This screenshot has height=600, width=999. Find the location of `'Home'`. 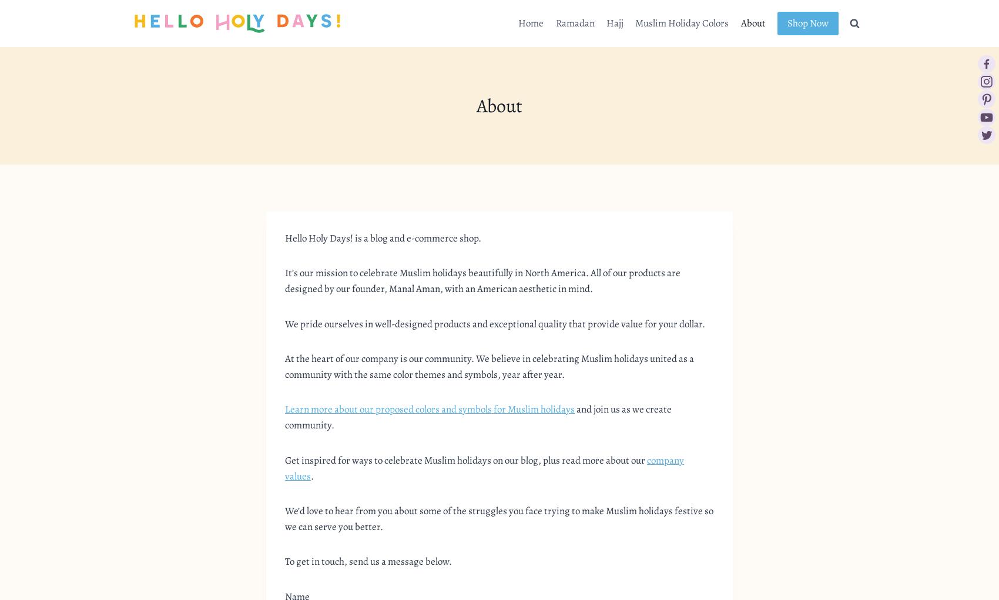

'Home' is located at coordinates (531, 22).